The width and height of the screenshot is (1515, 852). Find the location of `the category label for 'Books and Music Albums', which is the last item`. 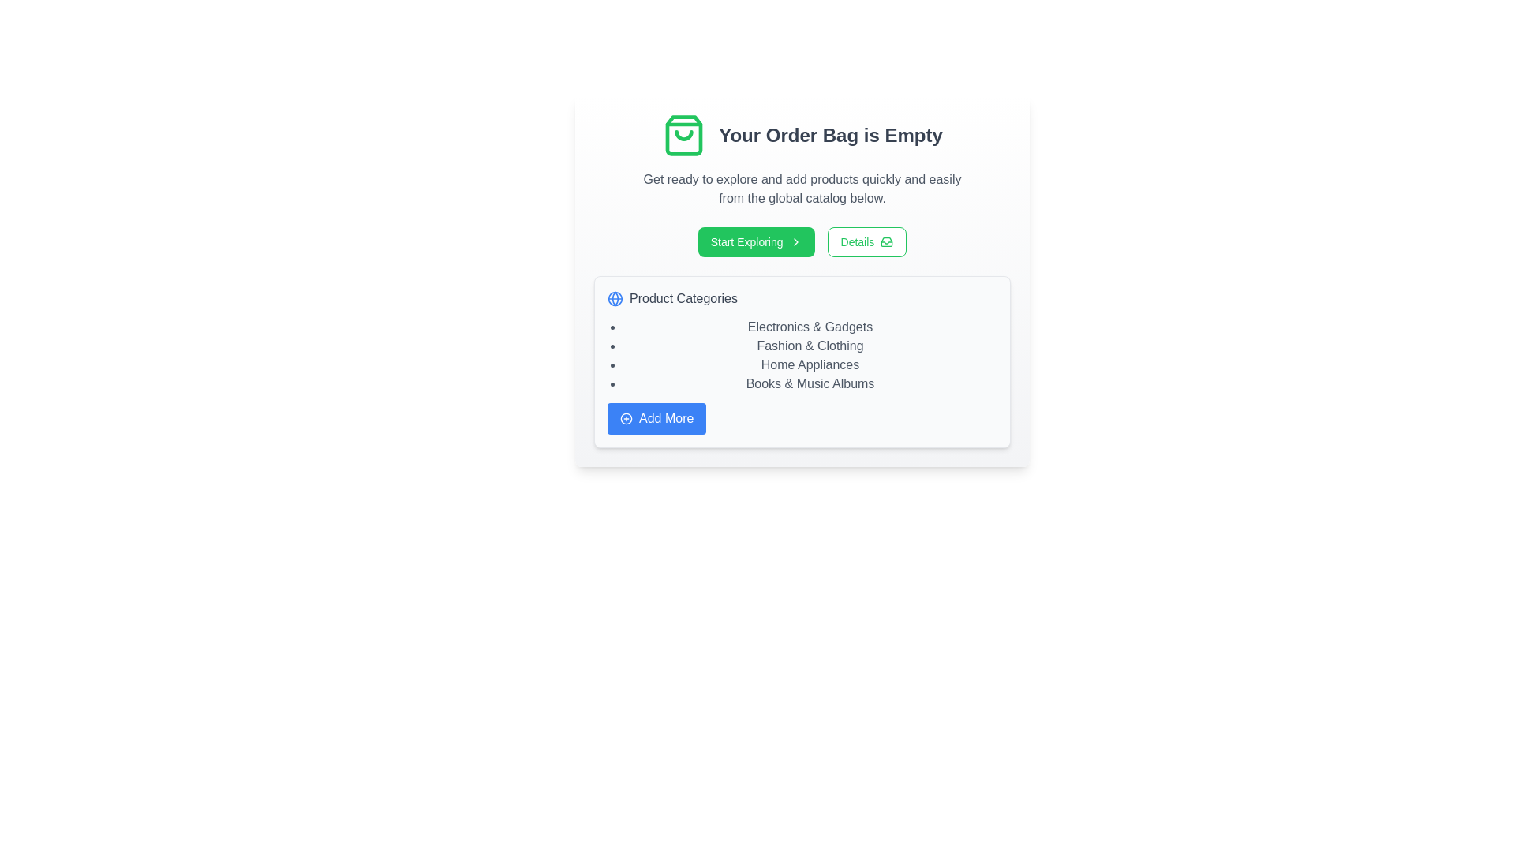

the category label for 'Books and Music Albums', which is the last item is located at coordinates (810, 383).